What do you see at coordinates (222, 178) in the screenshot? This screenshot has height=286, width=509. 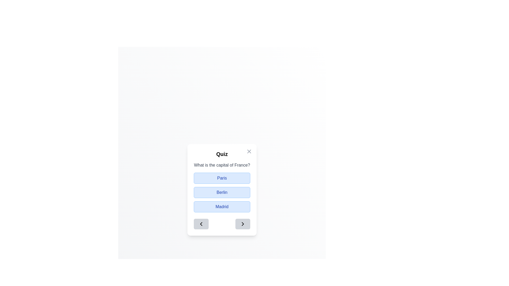 I see `the selectable button labeled 'Paris'` at bounding box center [222, 178].